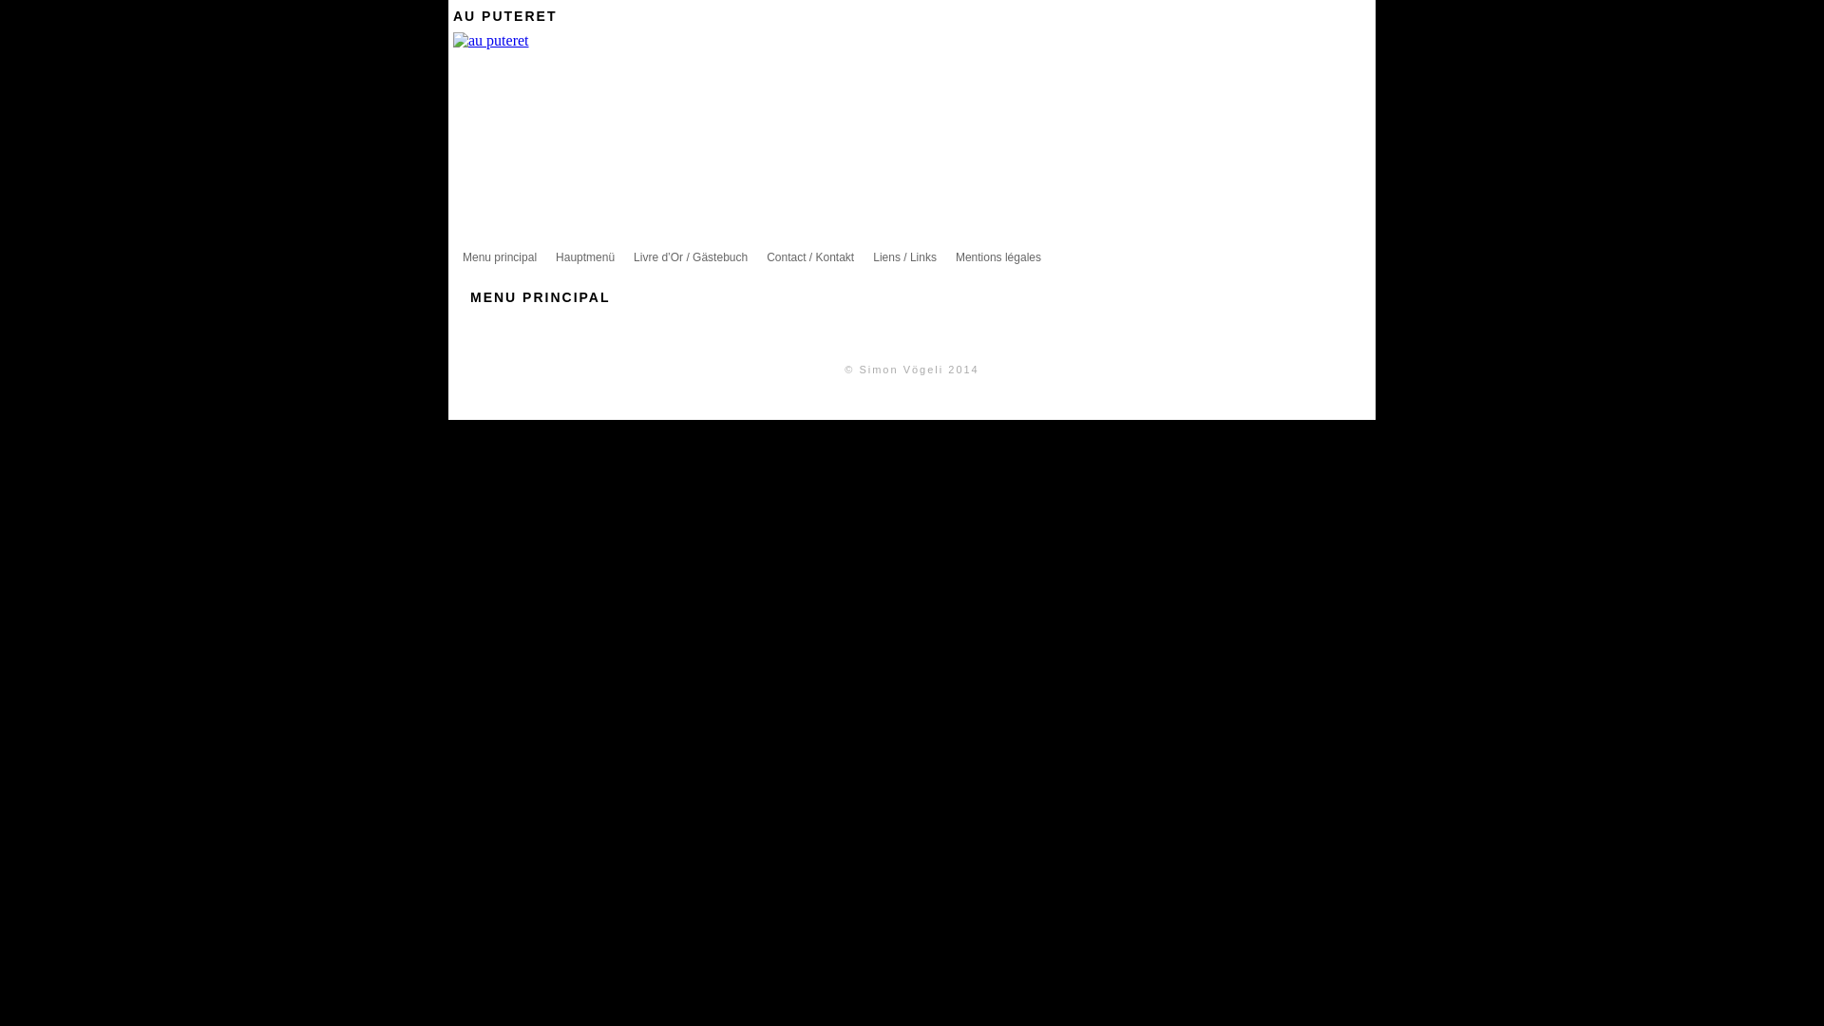 The height and width of the screenshot is (1026, 1824). Describe the element at coordinates (903, 256) in the screenshot. I see `'Liens / Links'` at that location.